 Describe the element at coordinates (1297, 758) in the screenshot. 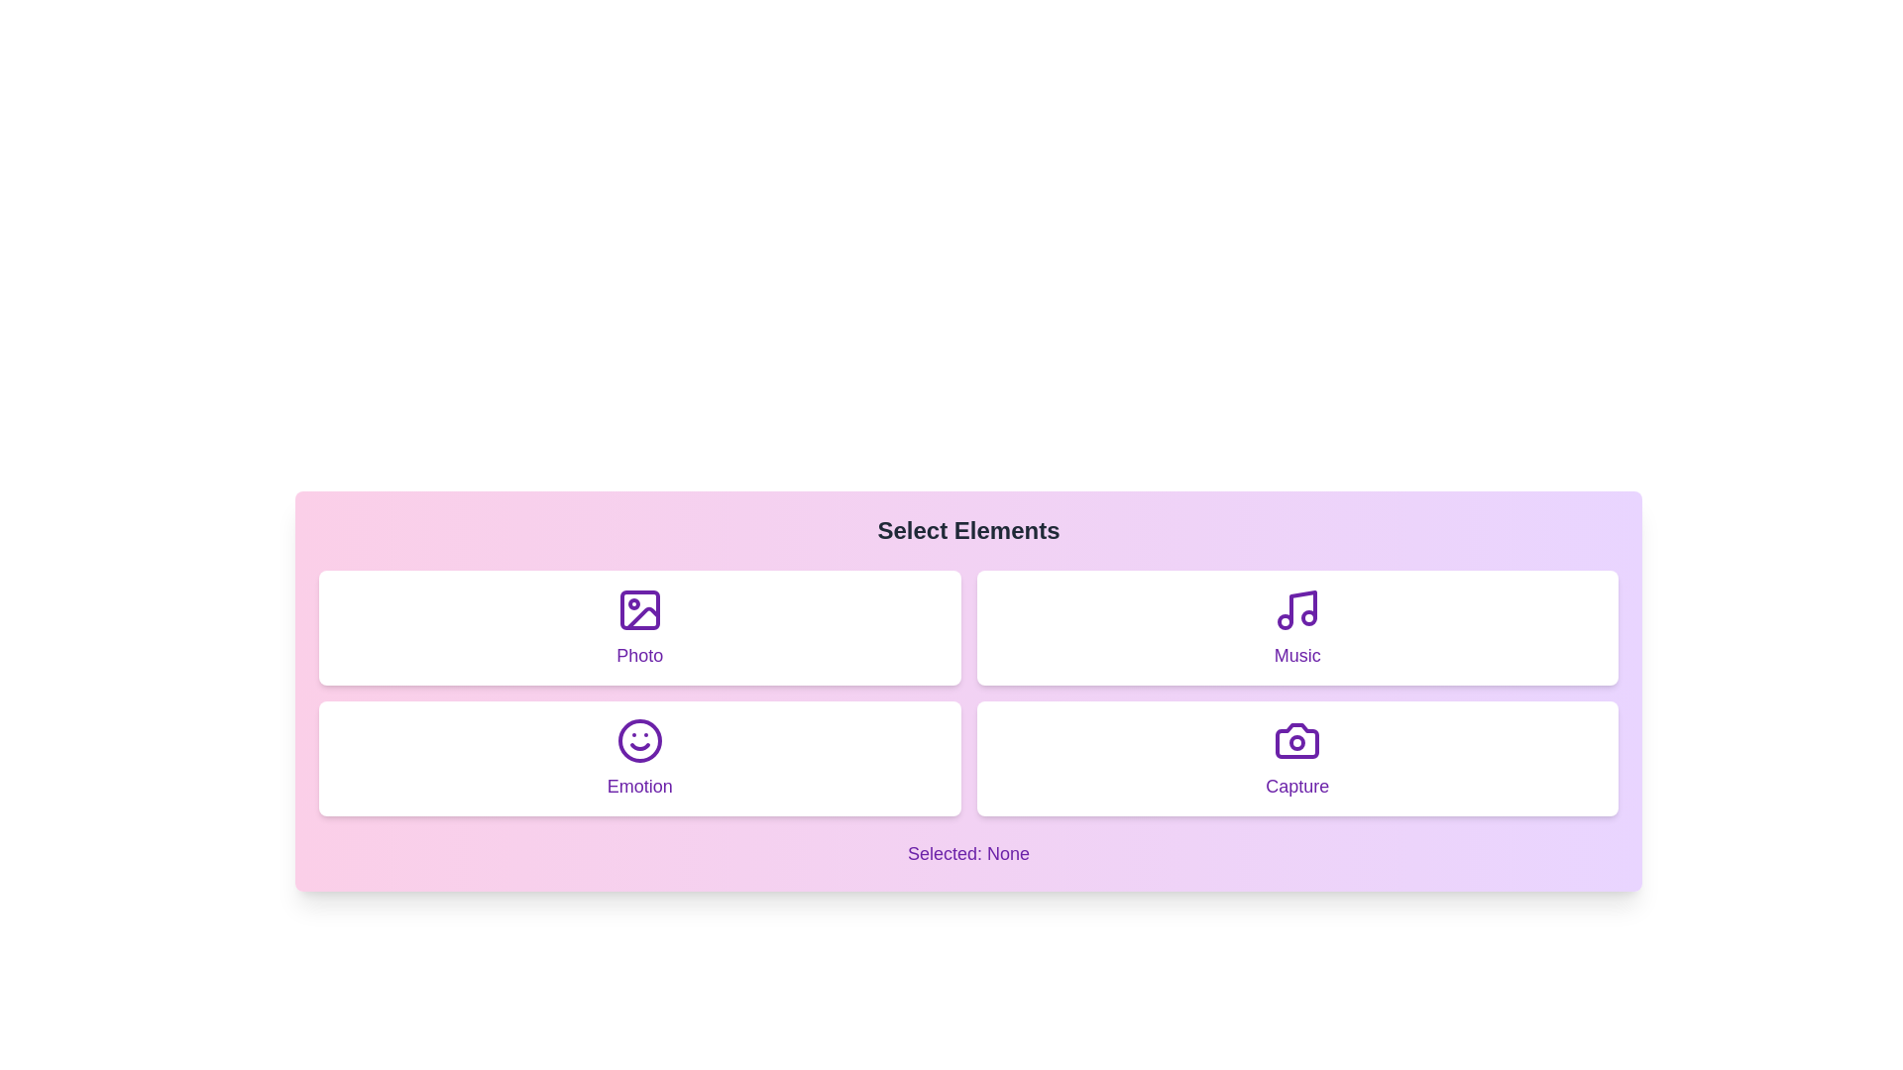

I see `the element labeled Capture` at that location.